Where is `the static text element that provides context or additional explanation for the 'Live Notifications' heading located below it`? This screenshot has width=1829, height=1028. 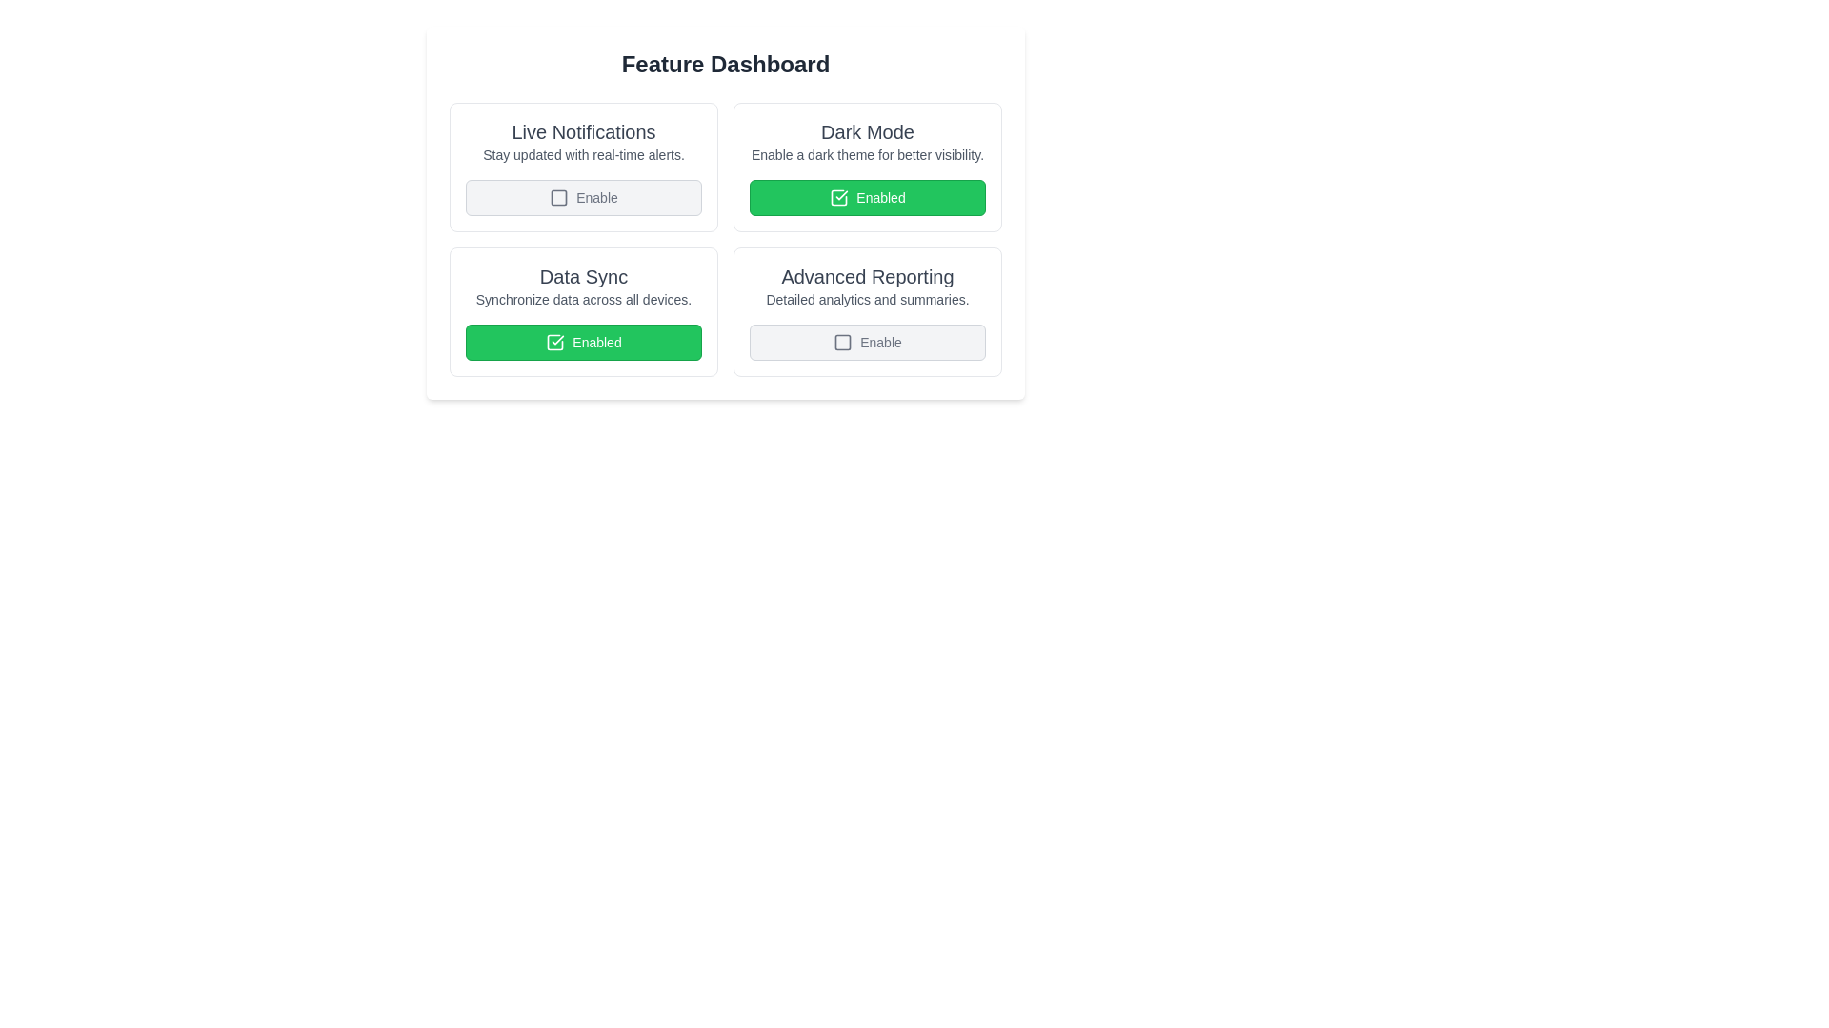
the static text element that provides context or additional explanation for the 'Live Notifications' heading located below it is located at coordinates (583, 153).